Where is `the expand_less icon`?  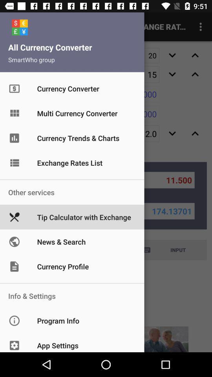
the expand_less icon is located at coordinates (195, 134).